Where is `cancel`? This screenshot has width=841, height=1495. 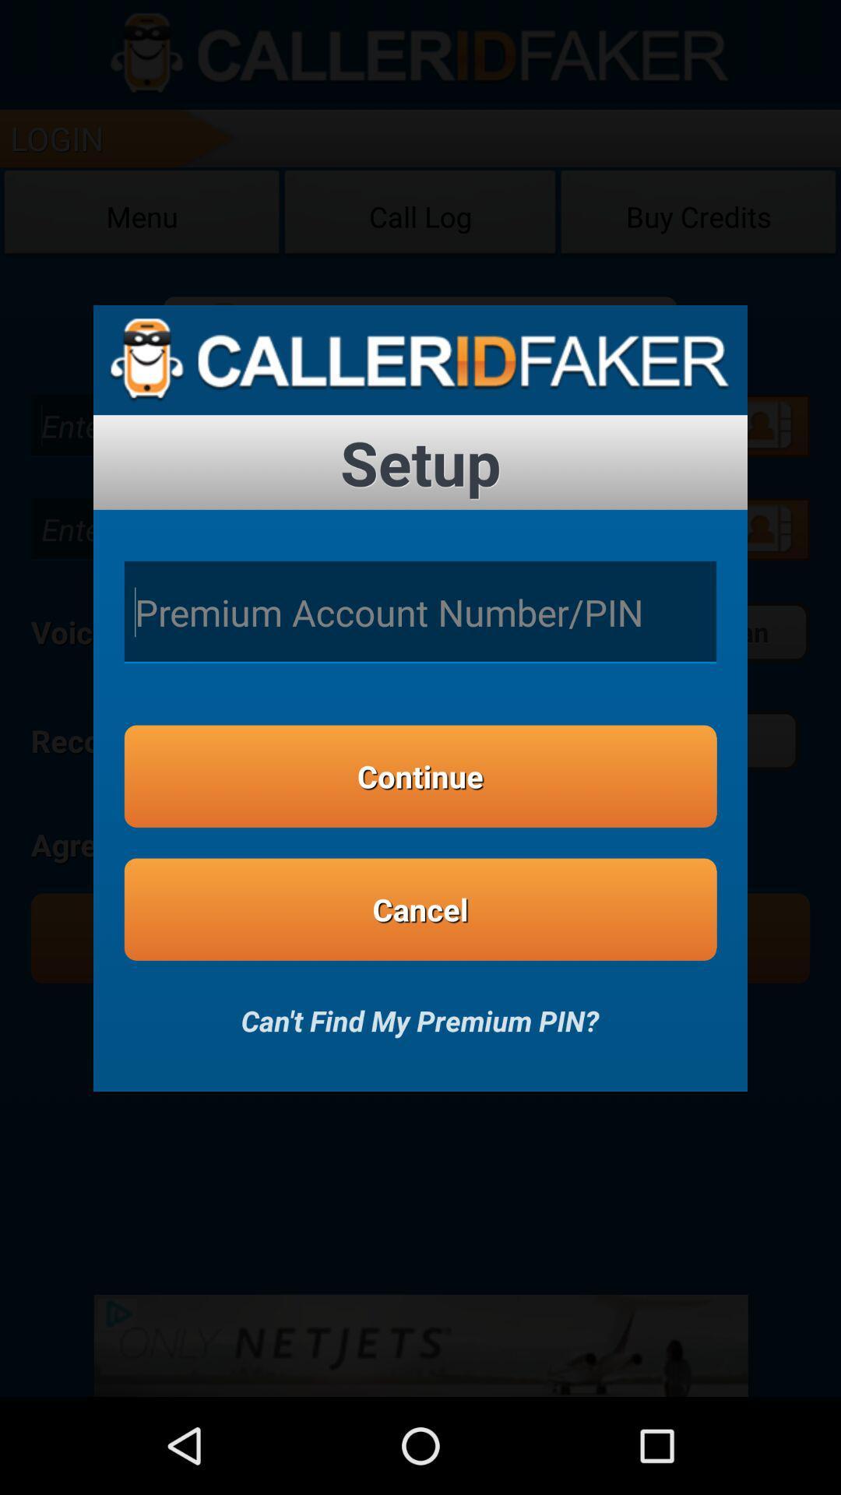
cancel is located at coordinates (420, 909).